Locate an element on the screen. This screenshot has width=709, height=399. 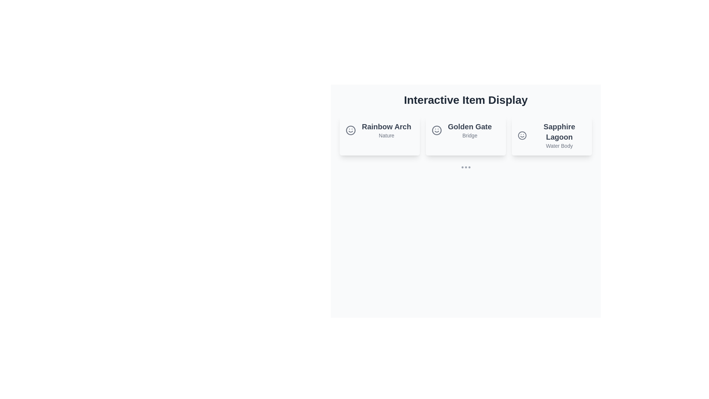
the graphic decoration icon located within the second card from the left in the row of three cards under 'Interactive Item Display' is located at coordinates (436, 130).